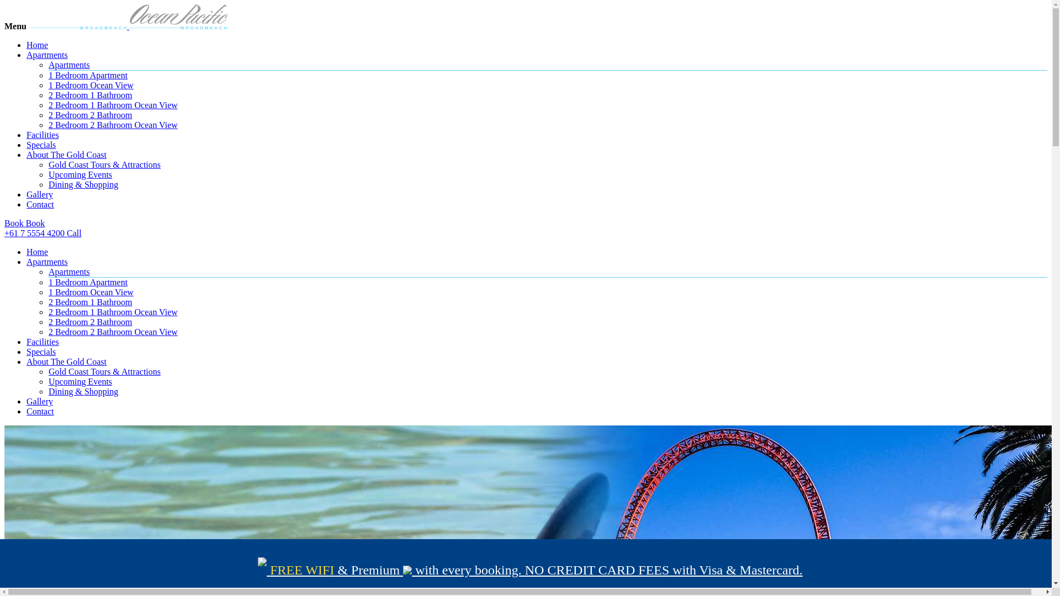  What do you see at coordinates (66, 361) in the screenshot?
I see `'About The Gold Coast'` at bounding box center [66, 361].